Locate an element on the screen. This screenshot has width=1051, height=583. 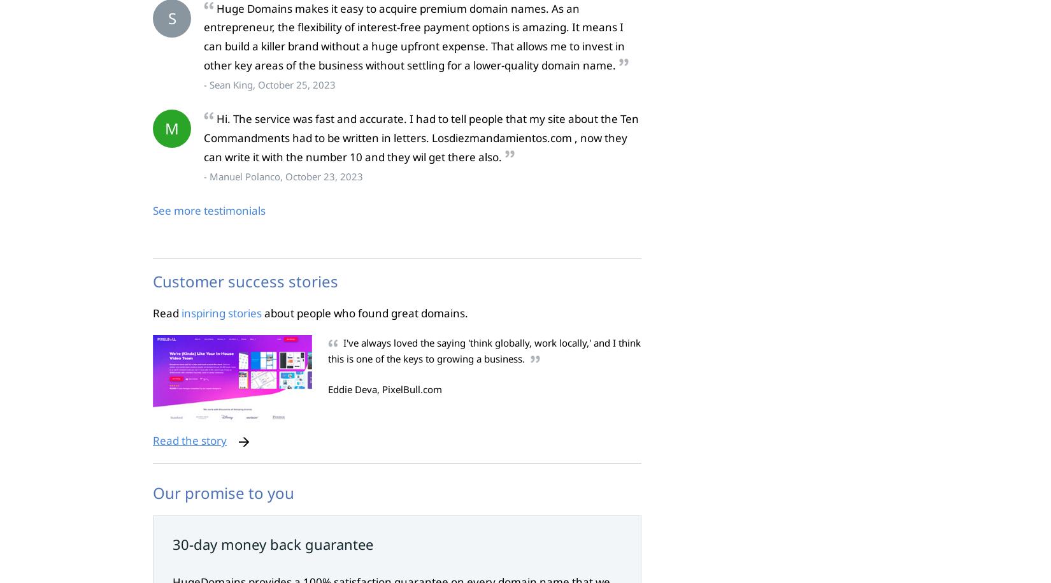
'Read the story' is located at coordinates (189, 440).